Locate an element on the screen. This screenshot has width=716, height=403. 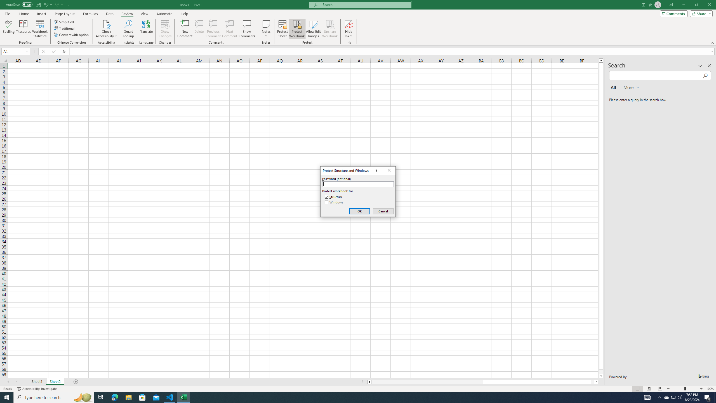
'Password (optional):' is located at coordinates (358, 184).